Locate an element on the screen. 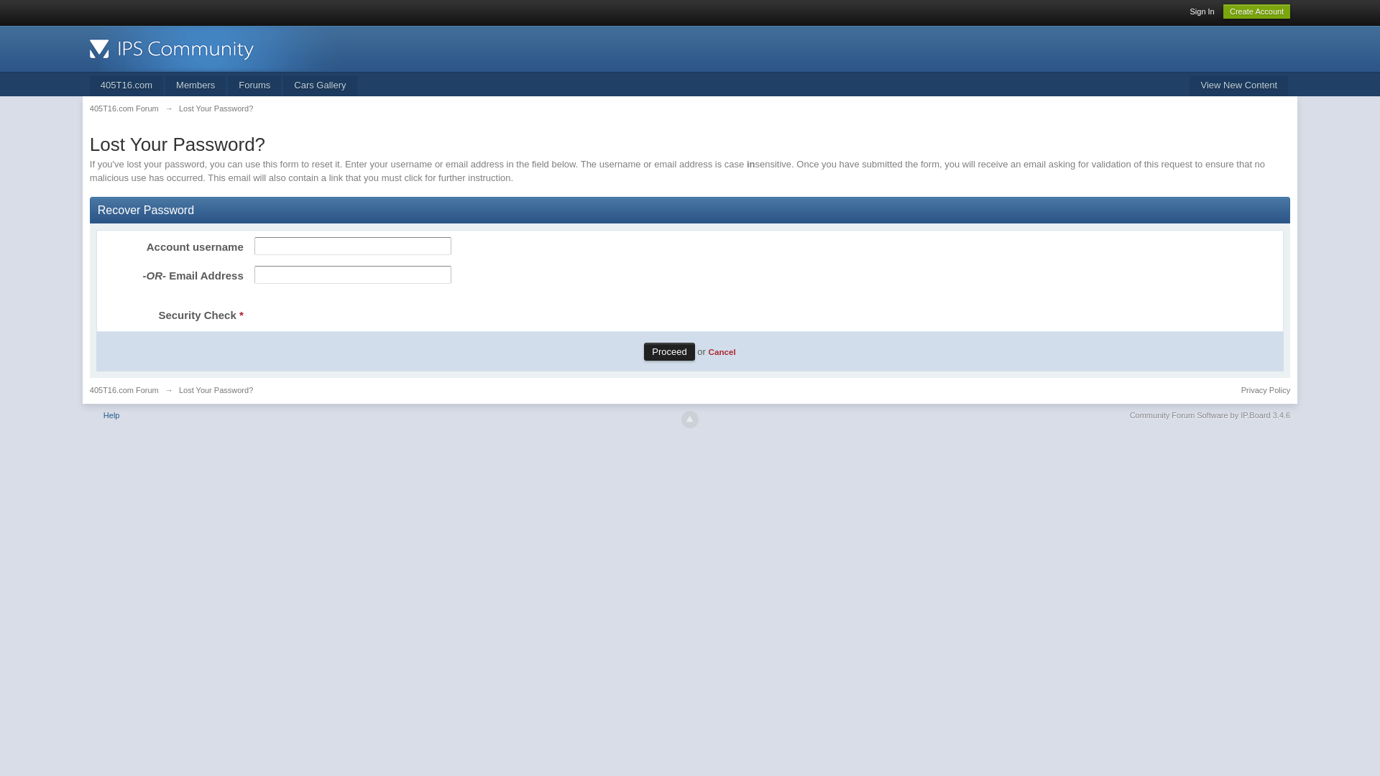 This screenshot has width=1380, height=776. 'Create Account' is located at coordinates (1256, 11).